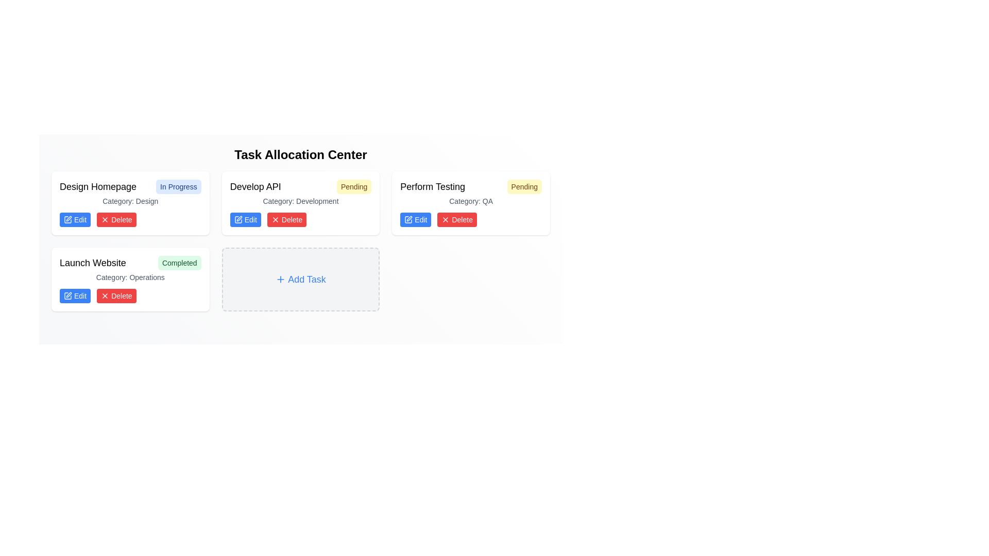 The width and height of the screenshot is (989, 556). What do you see at coordinates (470, 219) in the screenshot?
I see `the grouped component of the 'Edit' and 'Delete' buttons located at the bottom right of the card labeled 'Perform Testing'` at bounding box center [470, 219].